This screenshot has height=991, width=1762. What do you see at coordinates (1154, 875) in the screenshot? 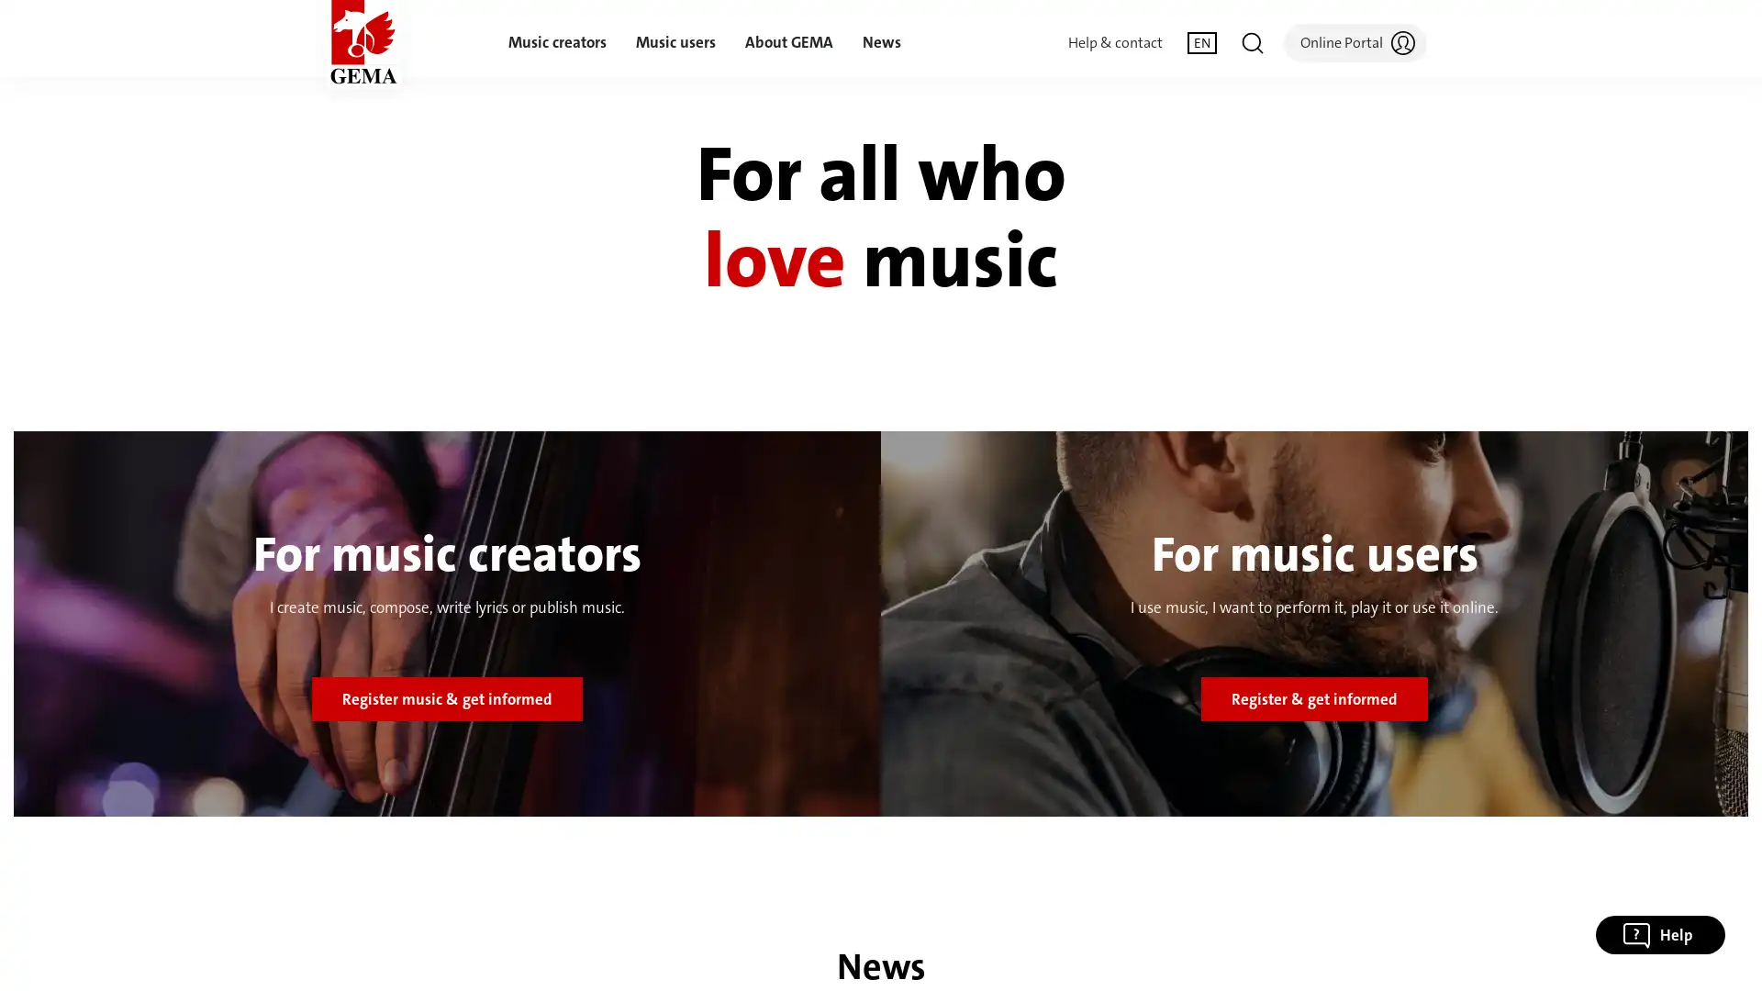
I see `Decline` at bounding box center [1154, 875].